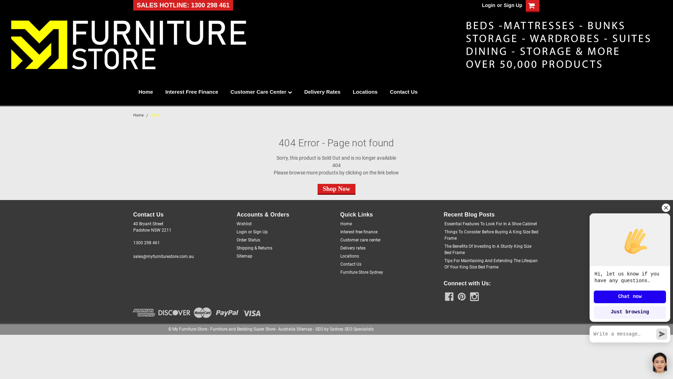 This screenshot has width=673, height=379. I want to click on 'Customer Care Center', so click(267, 92).